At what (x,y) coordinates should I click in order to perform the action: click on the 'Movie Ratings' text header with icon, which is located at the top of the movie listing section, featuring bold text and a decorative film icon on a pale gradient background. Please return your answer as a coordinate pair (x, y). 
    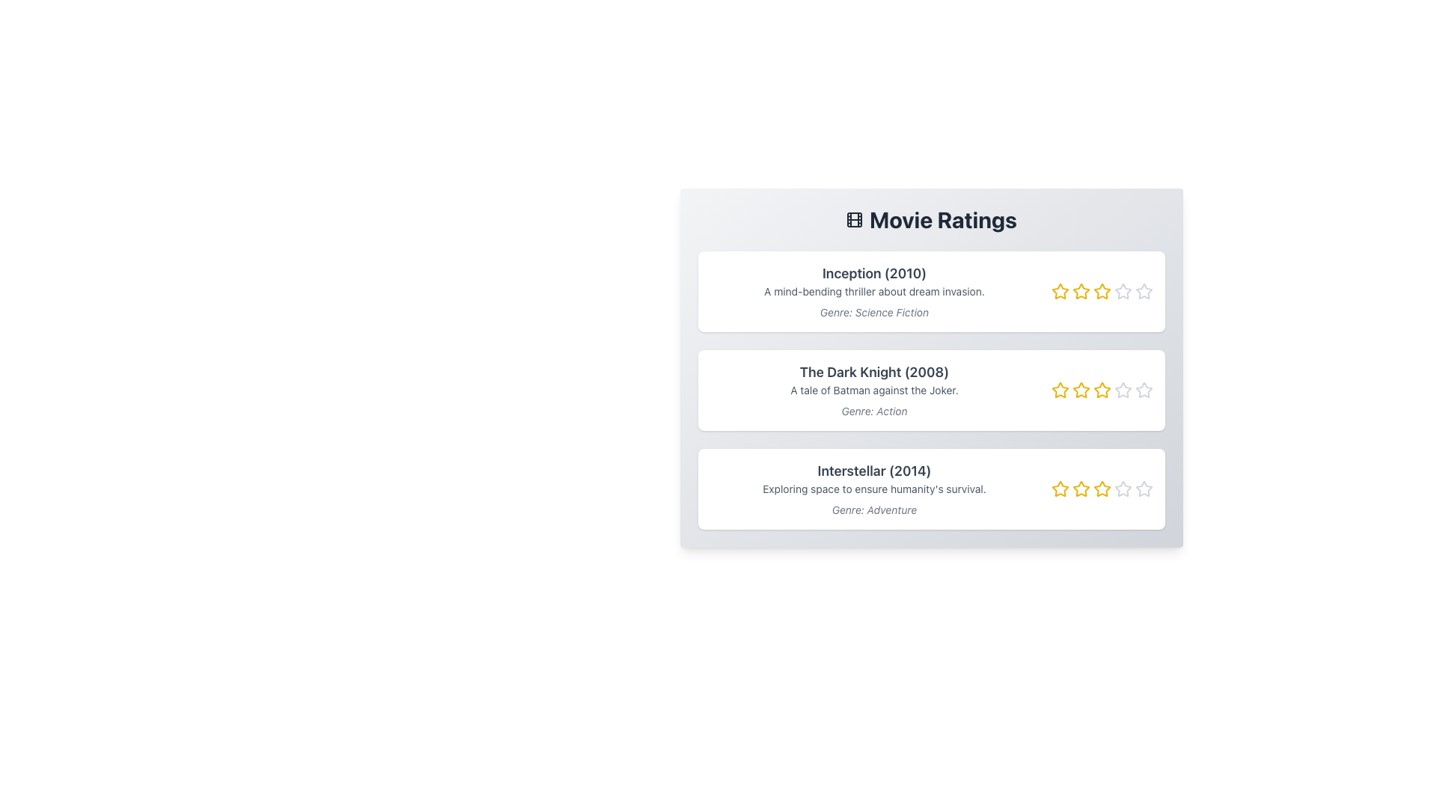
    Looking at the image, I should click on (930, 219).